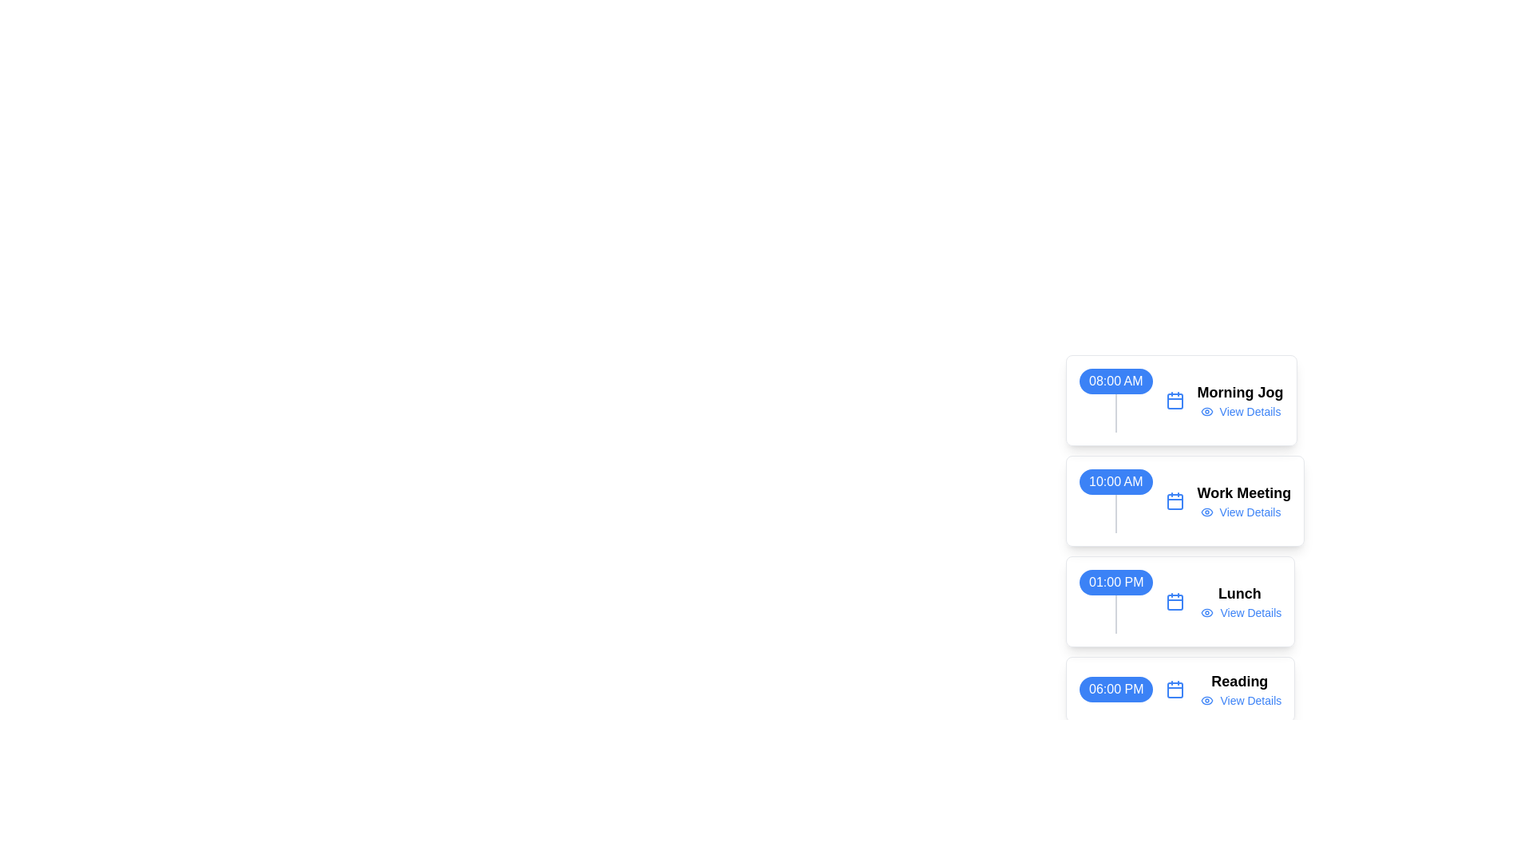 The image size is (1532, 862). What do you see at coordinates (1115, 382) in the screenshot?
I see `the pill-shaped label containing the text '08:00 AM', which has a blue background and white text, positioned at the top of a vertical list of time elements` at bounding box center [1115, 382].